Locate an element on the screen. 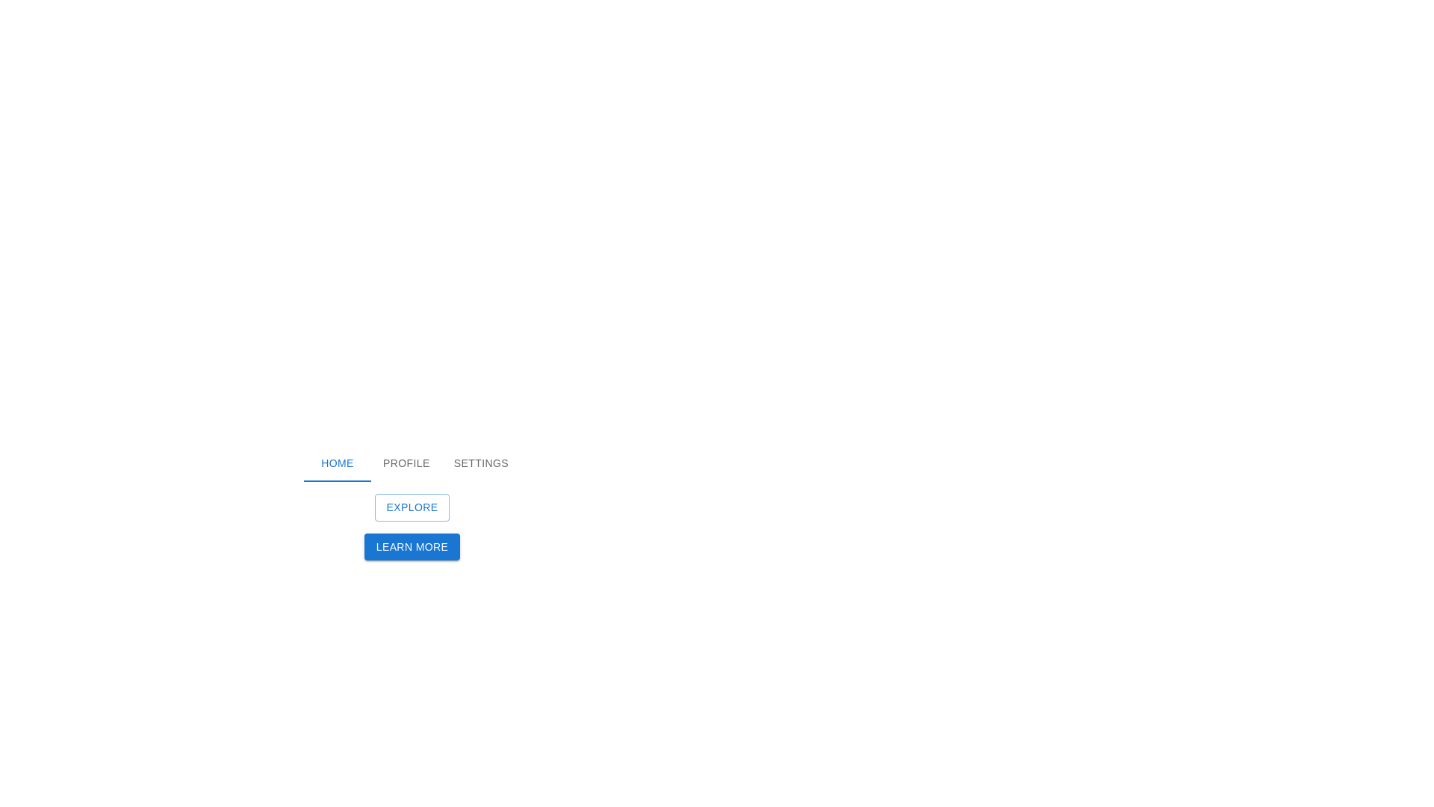 Image resolution: width=1434 pixels, height=807 pixels. the 'Settings' tab button, which is the third button in a horizontal layout of three items labeled 'Home', 'Profile', and 'Settings' is located at coordinates (481, 463).